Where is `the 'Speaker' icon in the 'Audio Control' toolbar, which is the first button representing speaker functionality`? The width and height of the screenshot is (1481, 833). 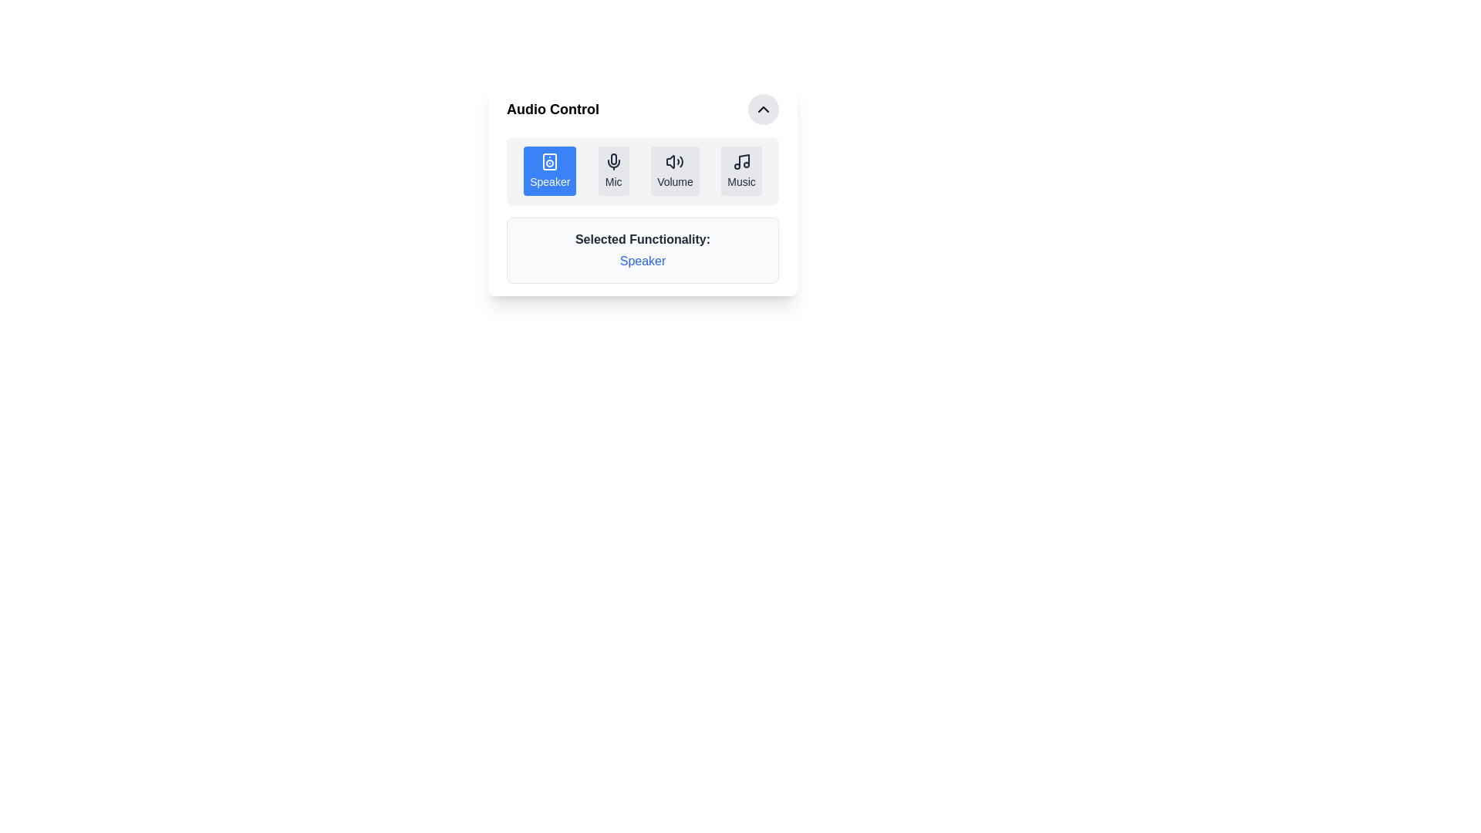
the 'Speaker' icon in the 'Audio Control' toolbar, which is the first button representing speaker functionality is located at coordinates (550, 161).